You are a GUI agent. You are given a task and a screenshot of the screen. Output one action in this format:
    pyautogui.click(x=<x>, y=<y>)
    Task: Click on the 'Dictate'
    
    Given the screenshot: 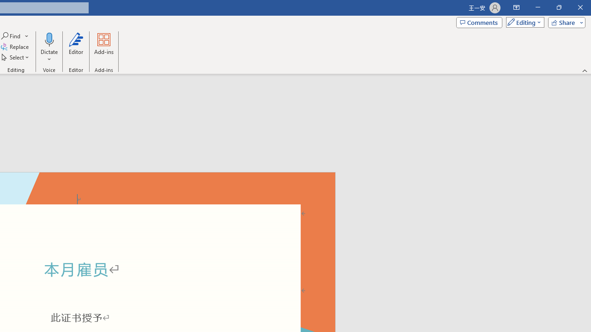 What is the action you would take?
    pyautogui.click(x=48, y=47)
    